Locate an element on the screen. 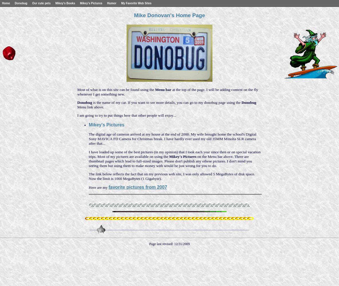 The width and height of the screenshot is (339, 286). 'I am going to try to put things here that other people will enjoy...' is located at coordinates (126, 115).